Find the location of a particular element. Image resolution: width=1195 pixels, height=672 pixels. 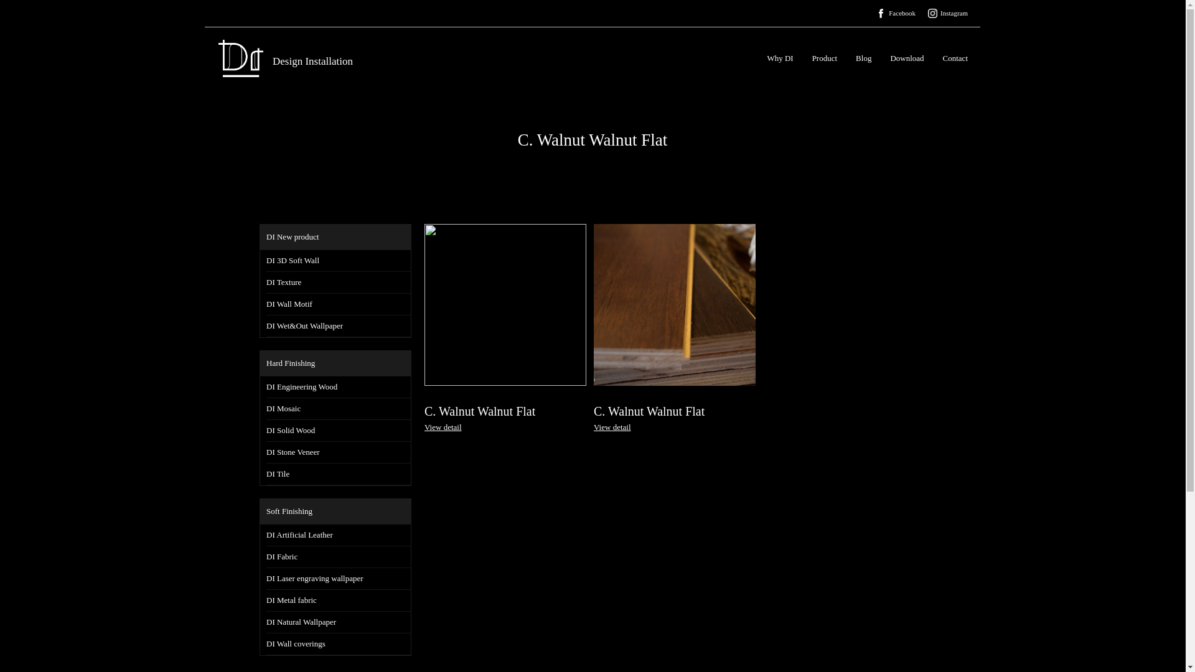

'View detail' is located at coordinates (443, 426).